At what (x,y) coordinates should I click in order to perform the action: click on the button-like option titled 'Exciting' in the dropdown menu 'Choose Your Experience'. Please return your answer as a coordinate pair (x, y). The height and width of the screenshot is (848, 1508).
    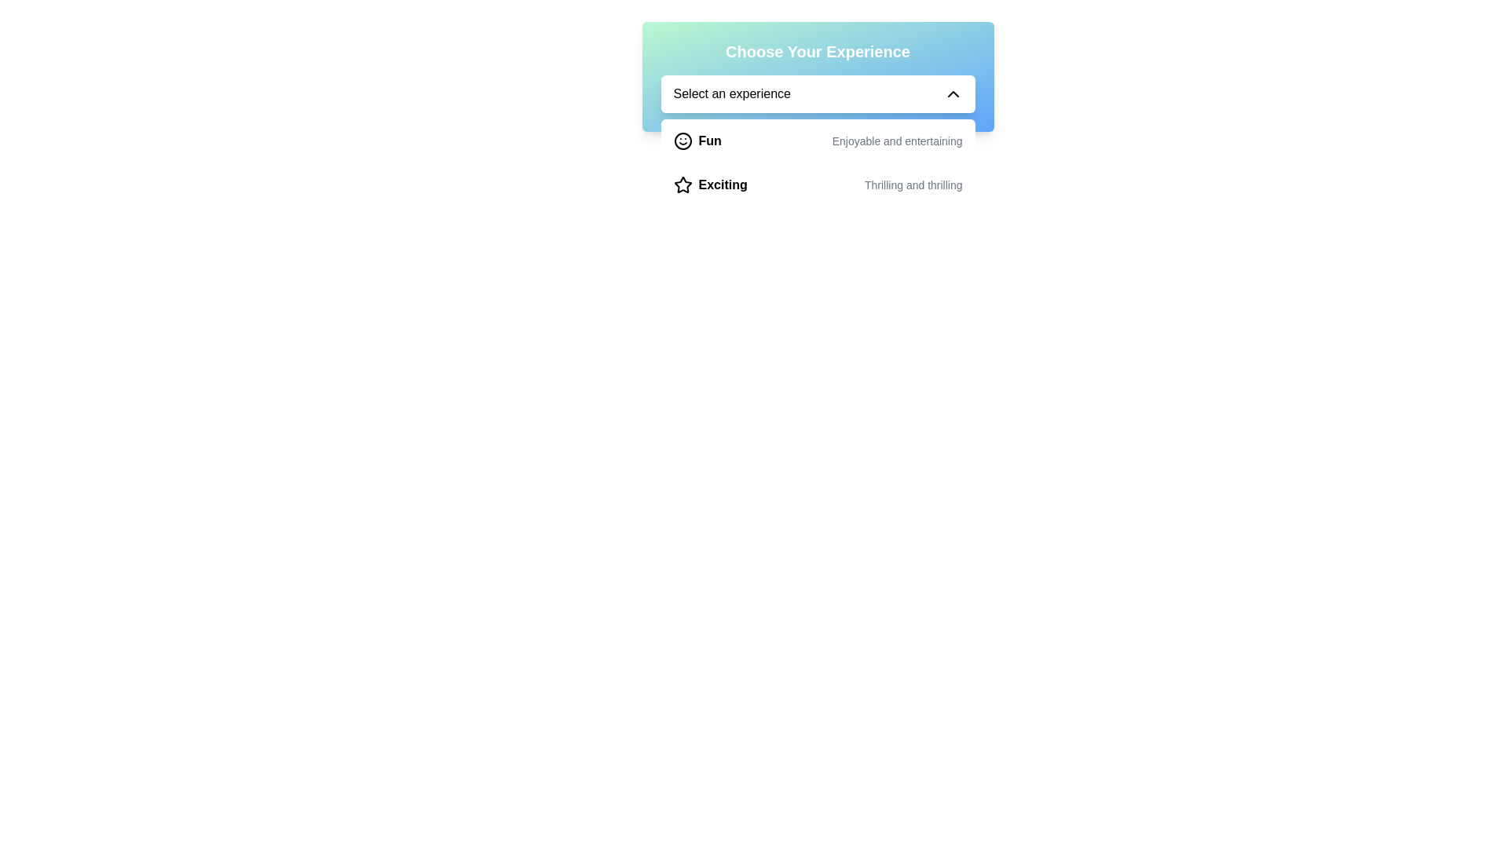
    Looking at the image, I should click on (817, 184).